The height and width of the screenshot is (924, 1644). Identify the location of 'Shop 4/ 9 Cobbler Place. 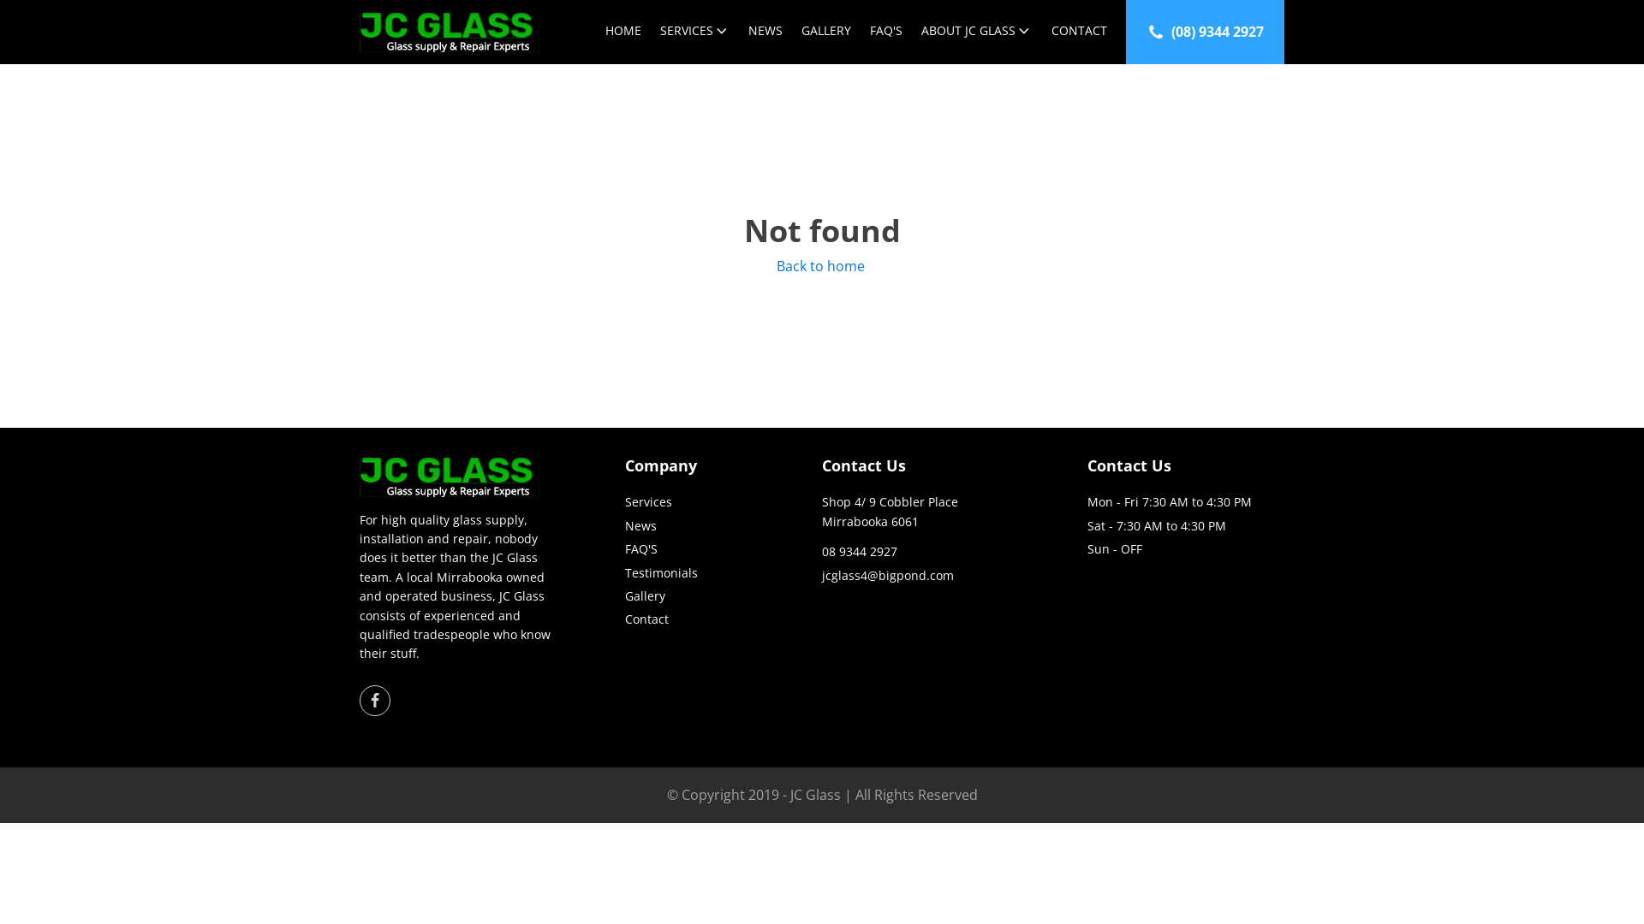
(890, 511).